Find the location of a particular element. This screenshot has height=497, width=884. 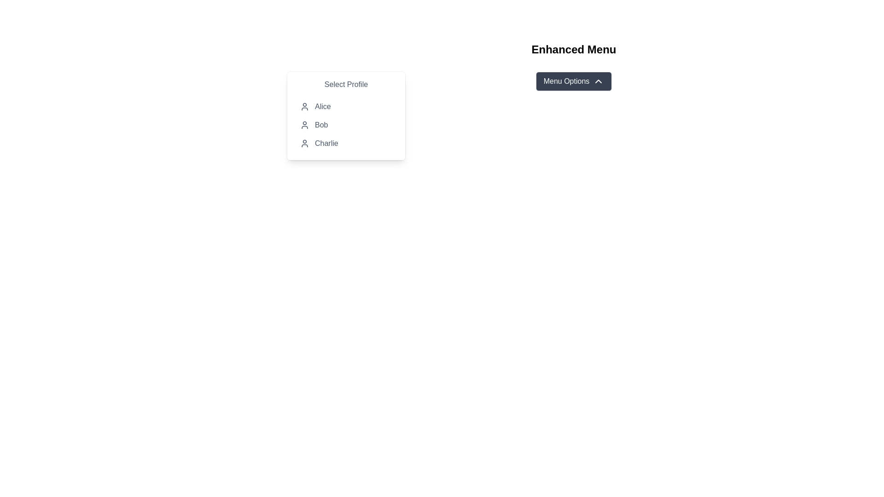

the dropdown menu option labeled 'Charlie' is located at coordinates (346, 144).